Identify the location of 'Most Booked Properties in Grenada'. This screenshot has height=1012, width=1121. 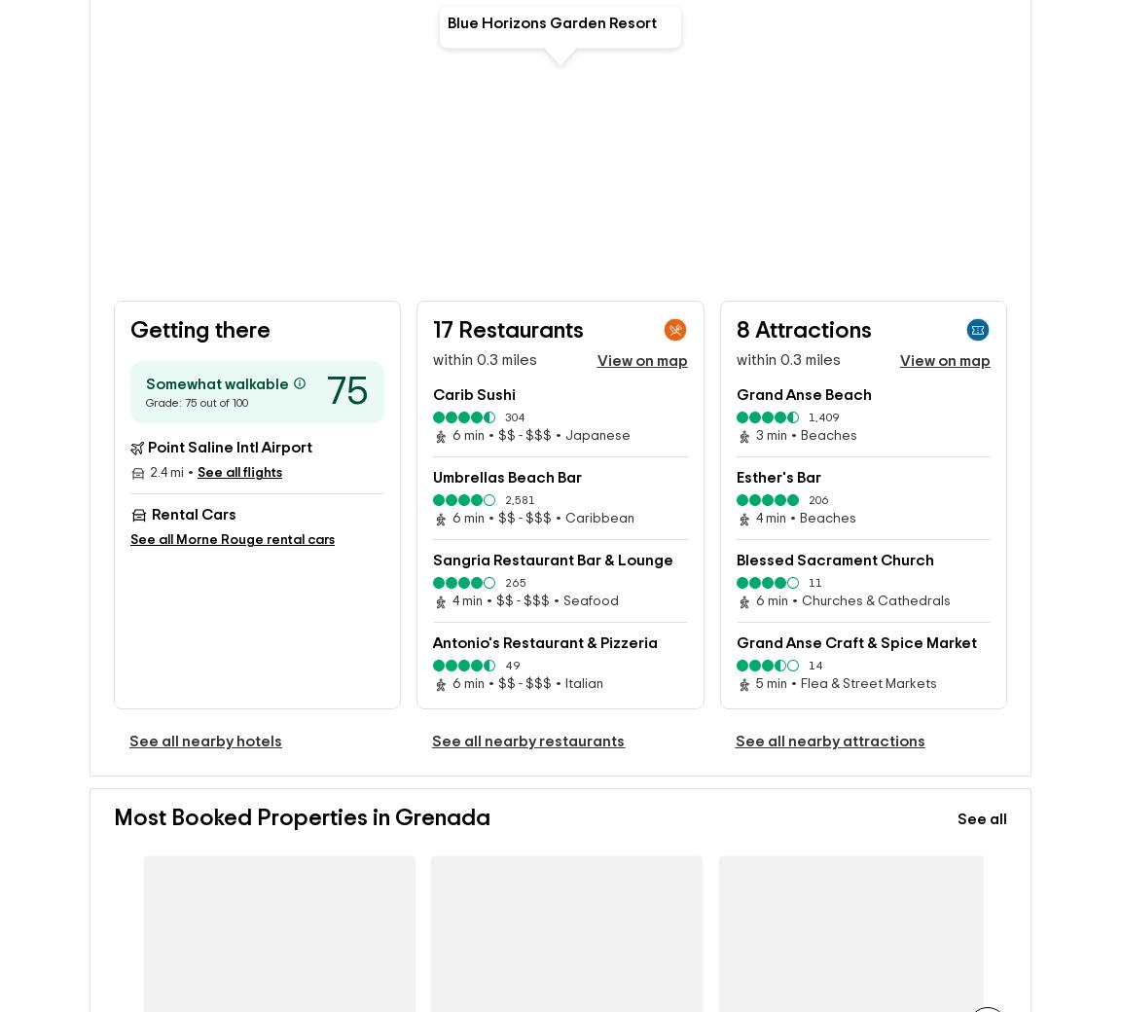
(301, 821).